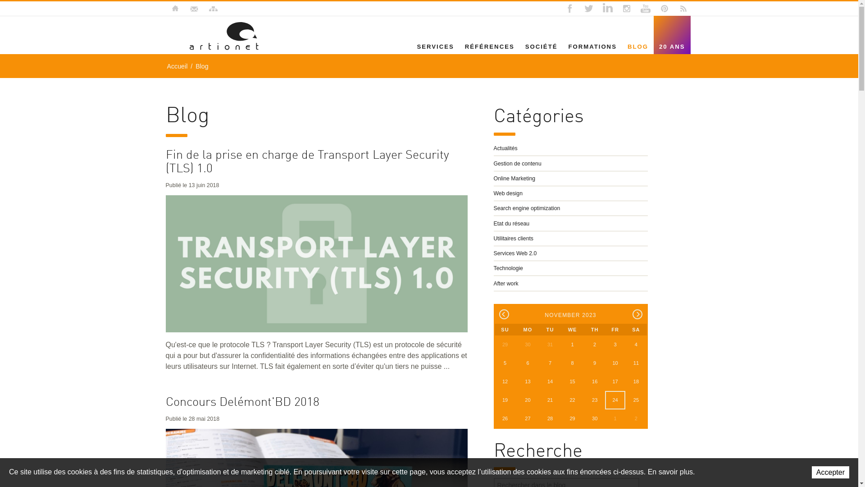 The image size is (865, 487). What do you see at coordinates (570, 238) in the screenshot?
I see `'Utilitaires clients'` at bounding box center [570, 238].